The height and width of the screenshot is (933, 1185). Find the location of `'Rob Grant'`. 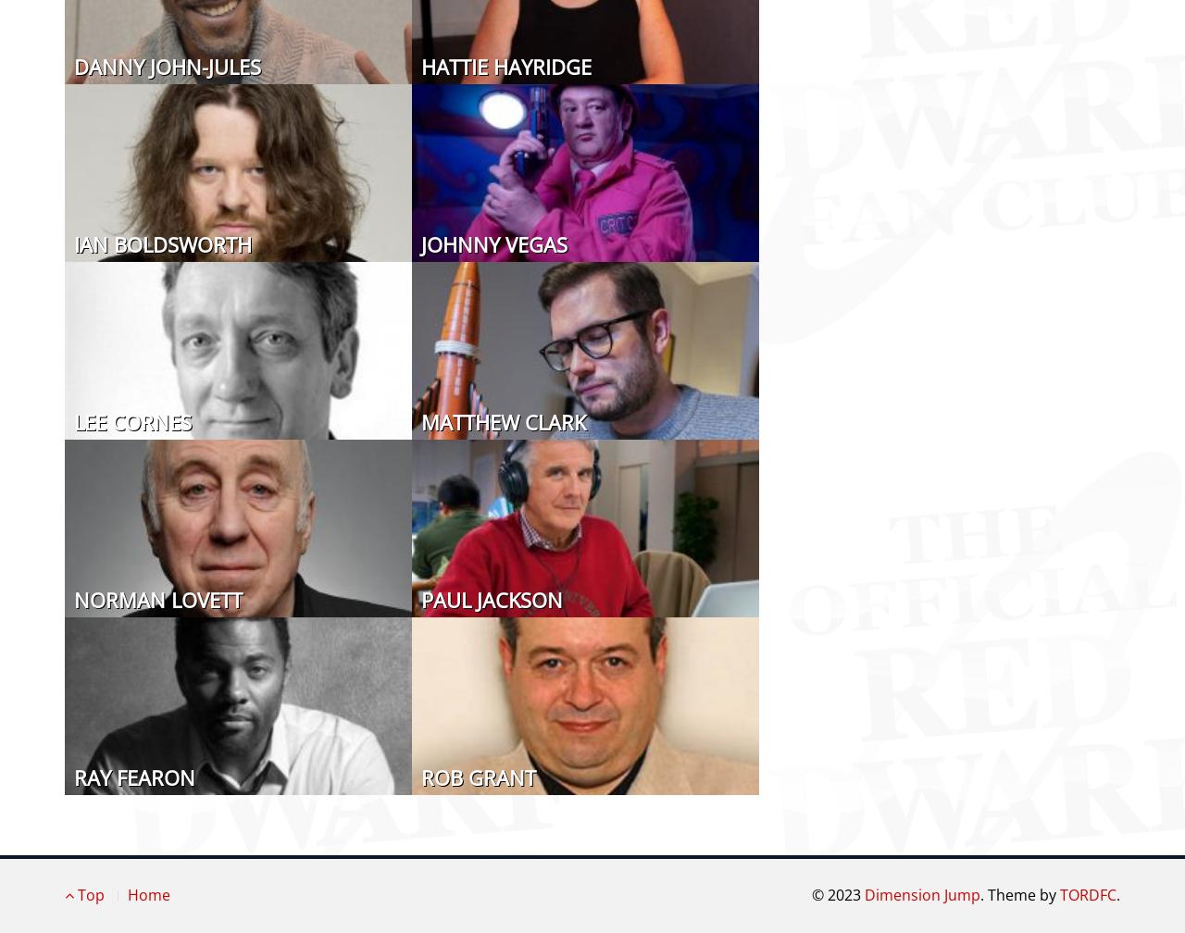

'Rob Grant' is located at coordinates (478, 776).